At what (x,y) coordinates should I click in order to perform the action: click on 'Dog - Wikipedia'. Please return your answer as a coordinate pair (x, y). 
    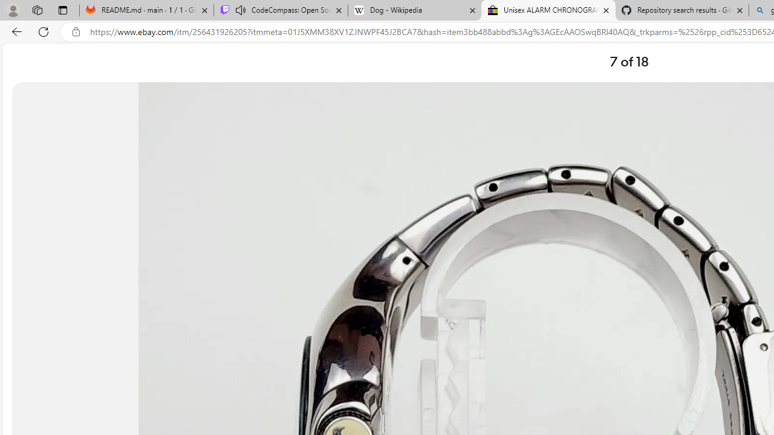
    Looking at the image, I should click on (415, 10).